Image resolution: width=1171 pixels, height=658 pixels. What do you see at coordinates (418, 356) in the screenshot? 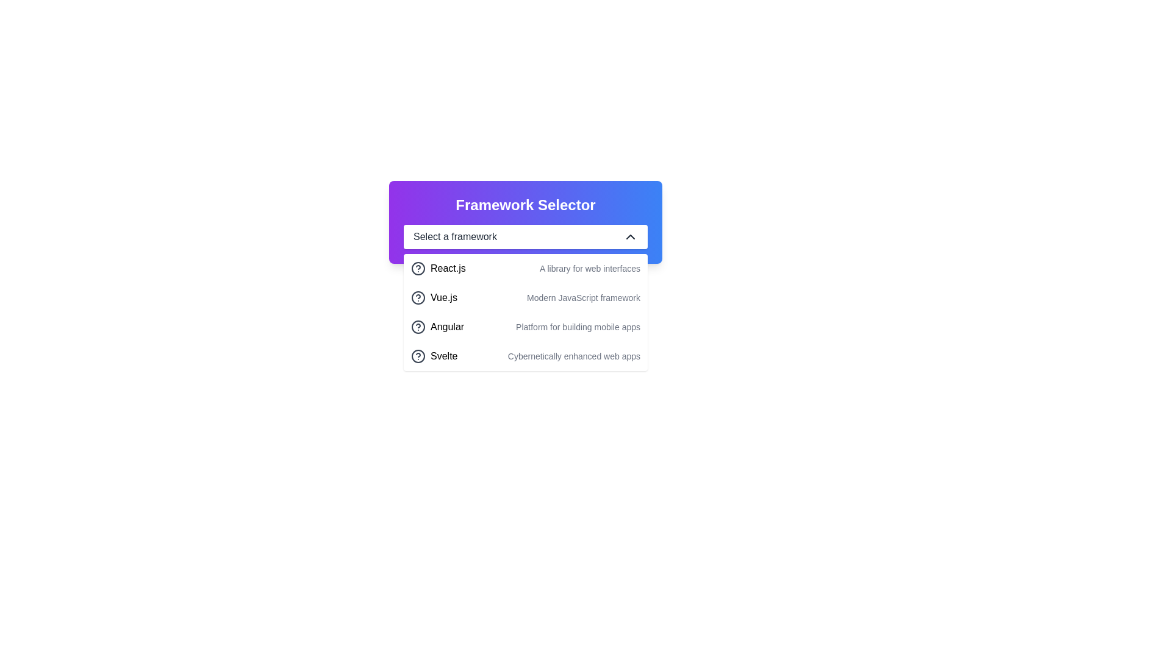
I see `the circular outline icon with a question mark at its center, located next to the text label 'Svelte'` at bounding box center [418, 356].